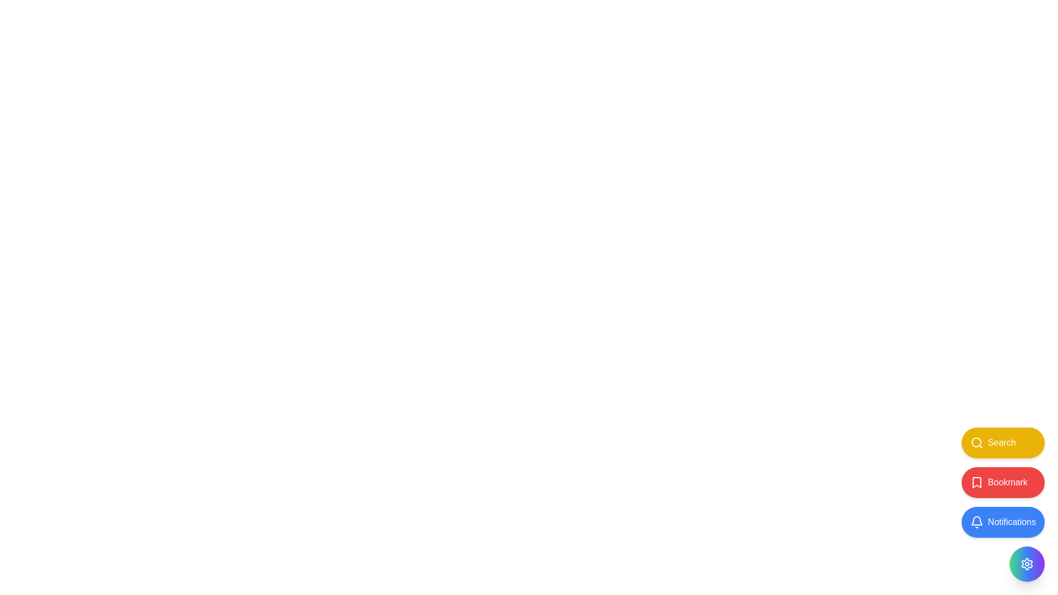  I want to click on text 'Notifications' from the text label inside the notification button, which is located on the right side of the interface, adjacent to a bell icon and within a rounded blue button, so click(1012, 522).